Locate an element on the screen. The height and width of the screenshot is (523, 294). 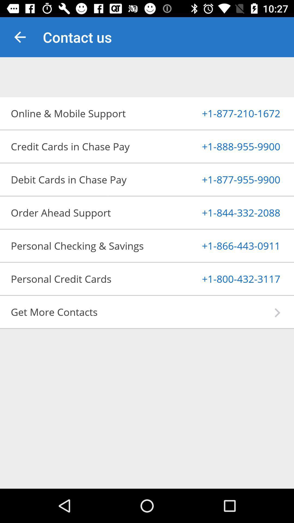
icon above the online & mobile support app is located at coordinates (20, 37).